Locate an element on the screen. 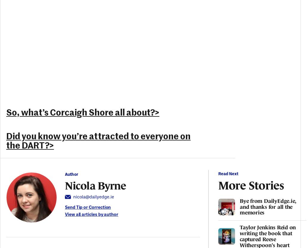 The width and height of the screenshot is (308, 248). 'More Stories' is located at coordinates (251, 184).